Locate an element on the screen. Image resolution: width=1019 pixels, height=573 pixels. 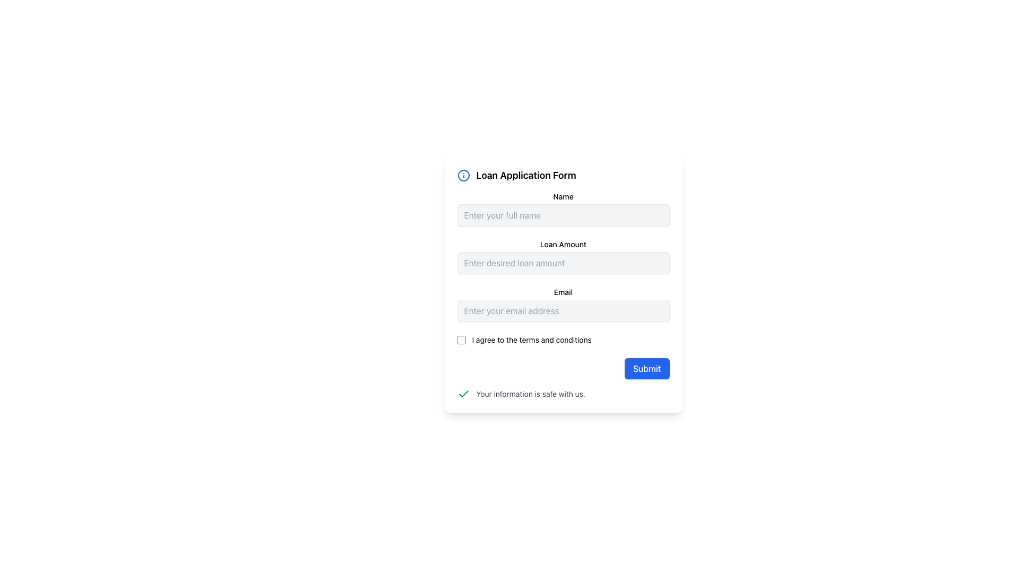
the visual confirmation icon located below the 'I agree to the terms and conditions' checkbox and next to the text 'Your information is safe with us.' is located at coordinates (463, 394).